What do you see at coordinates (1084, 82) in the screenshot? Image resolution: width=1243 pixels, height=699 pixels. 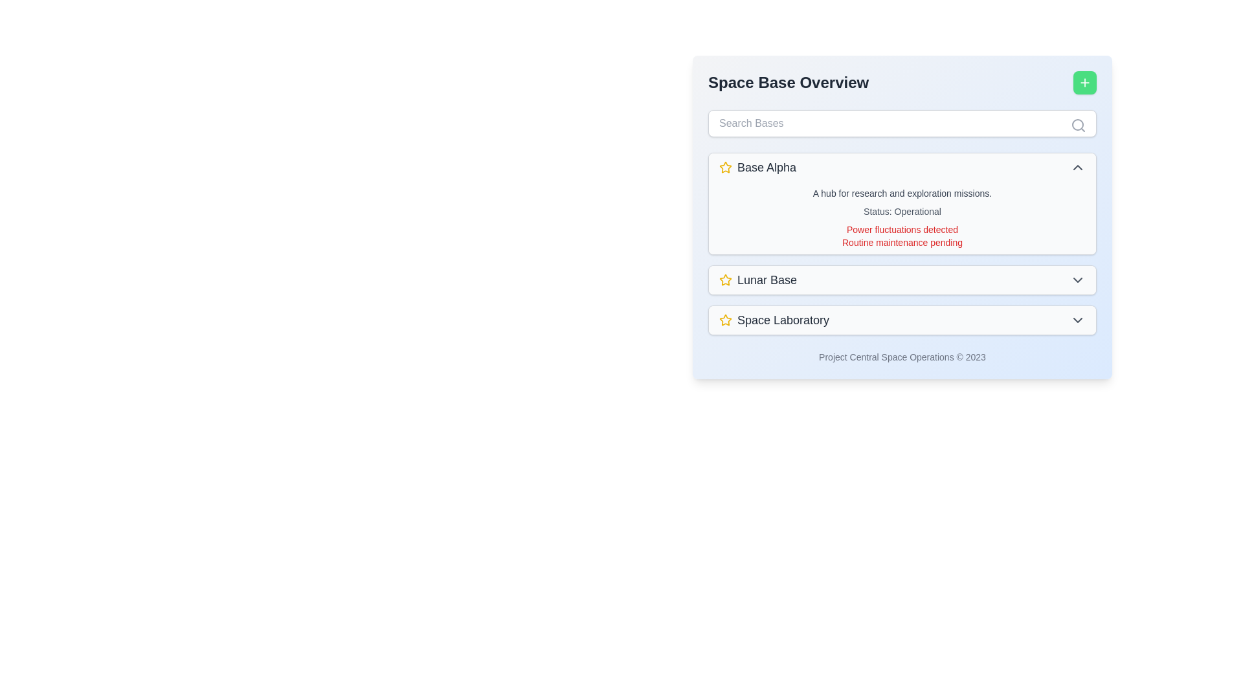 I see `the green circular button with a white plus sign in the top-right corner of the 'Space Base Overview' card` at bounding box center [1084, 82].